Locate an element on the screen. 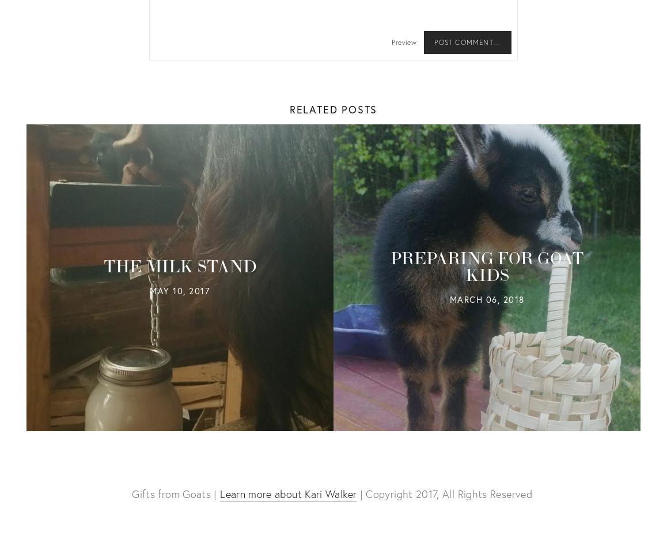  'Post Comment…' is located at coordinates (467, 41).